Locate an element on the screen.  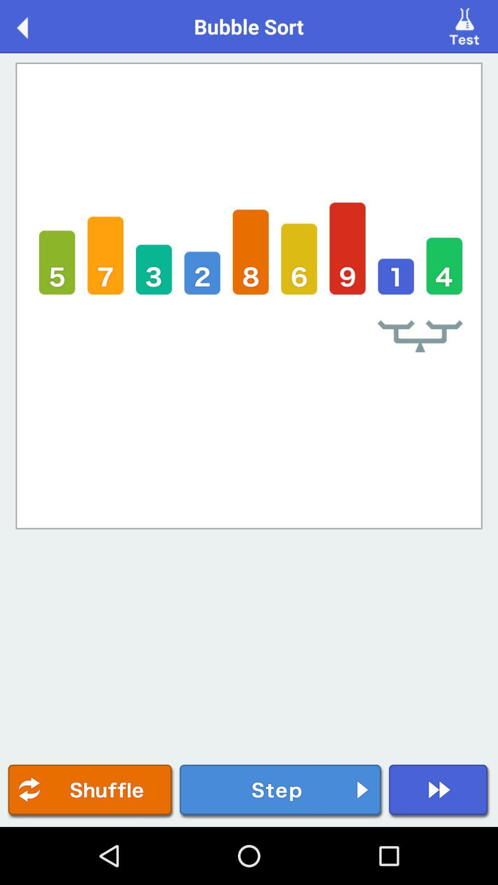
icon to the left of the bubble sort is located at coordinates (31, 26).